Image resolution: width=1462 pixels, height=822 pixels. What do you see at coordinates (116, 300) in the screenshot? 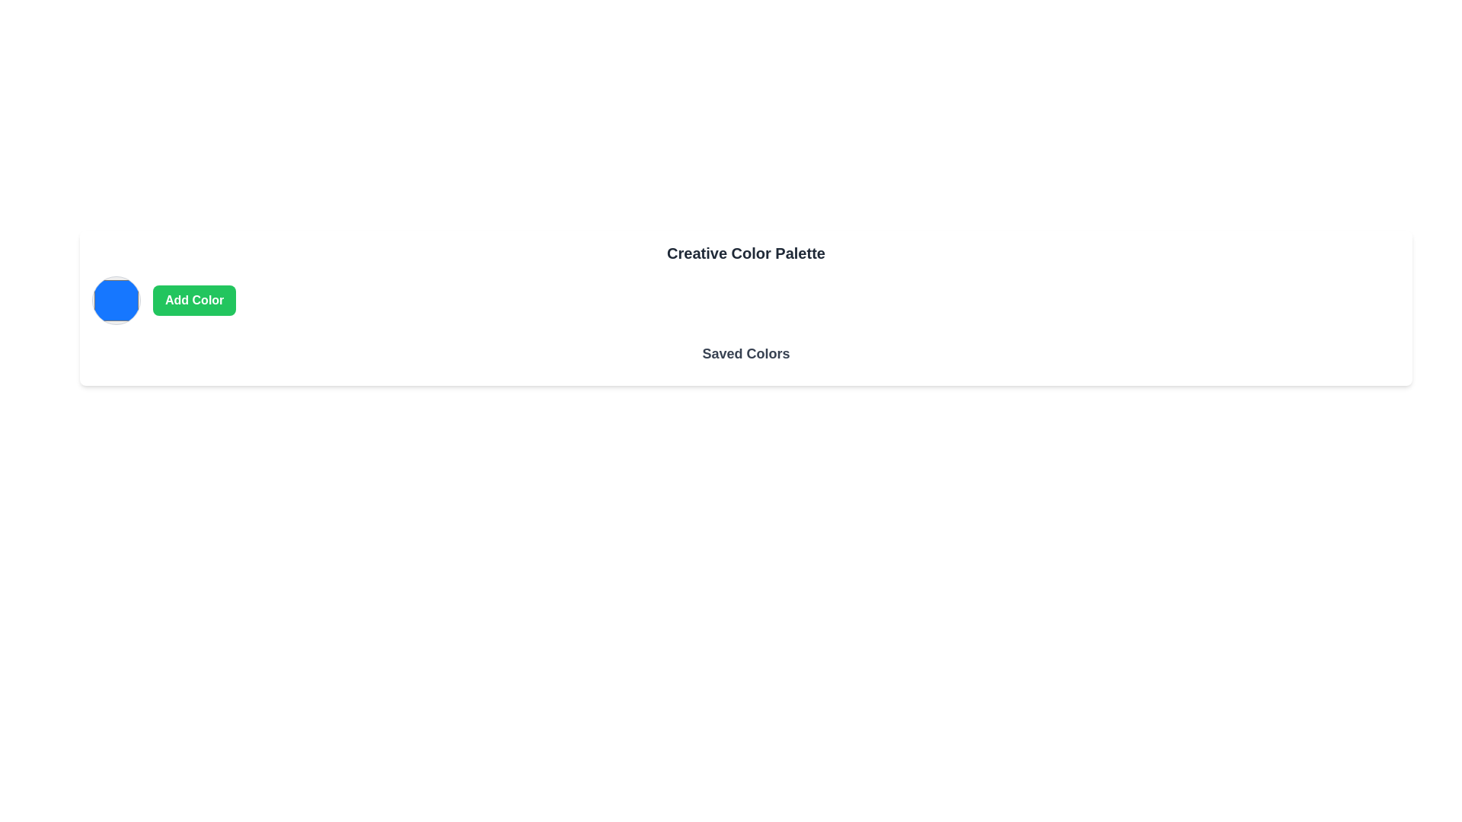
I see `the color display or selector element` at bounding box center [116, 300].